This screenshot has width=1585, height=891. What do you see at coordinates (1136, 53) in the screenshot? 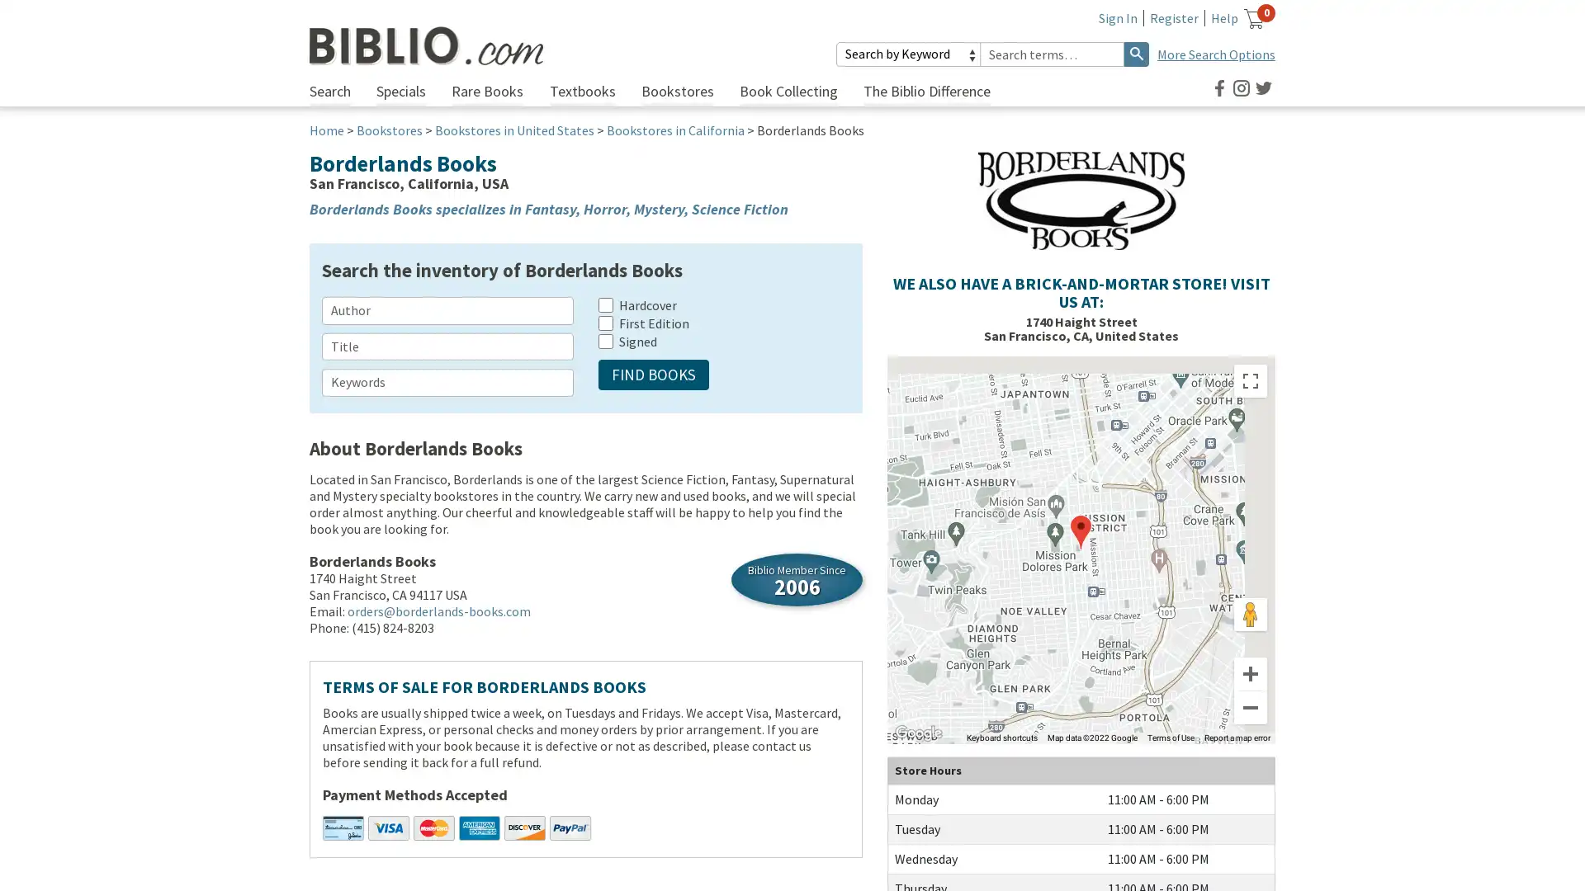
I see `Search` at bounding box center [1136, 53].